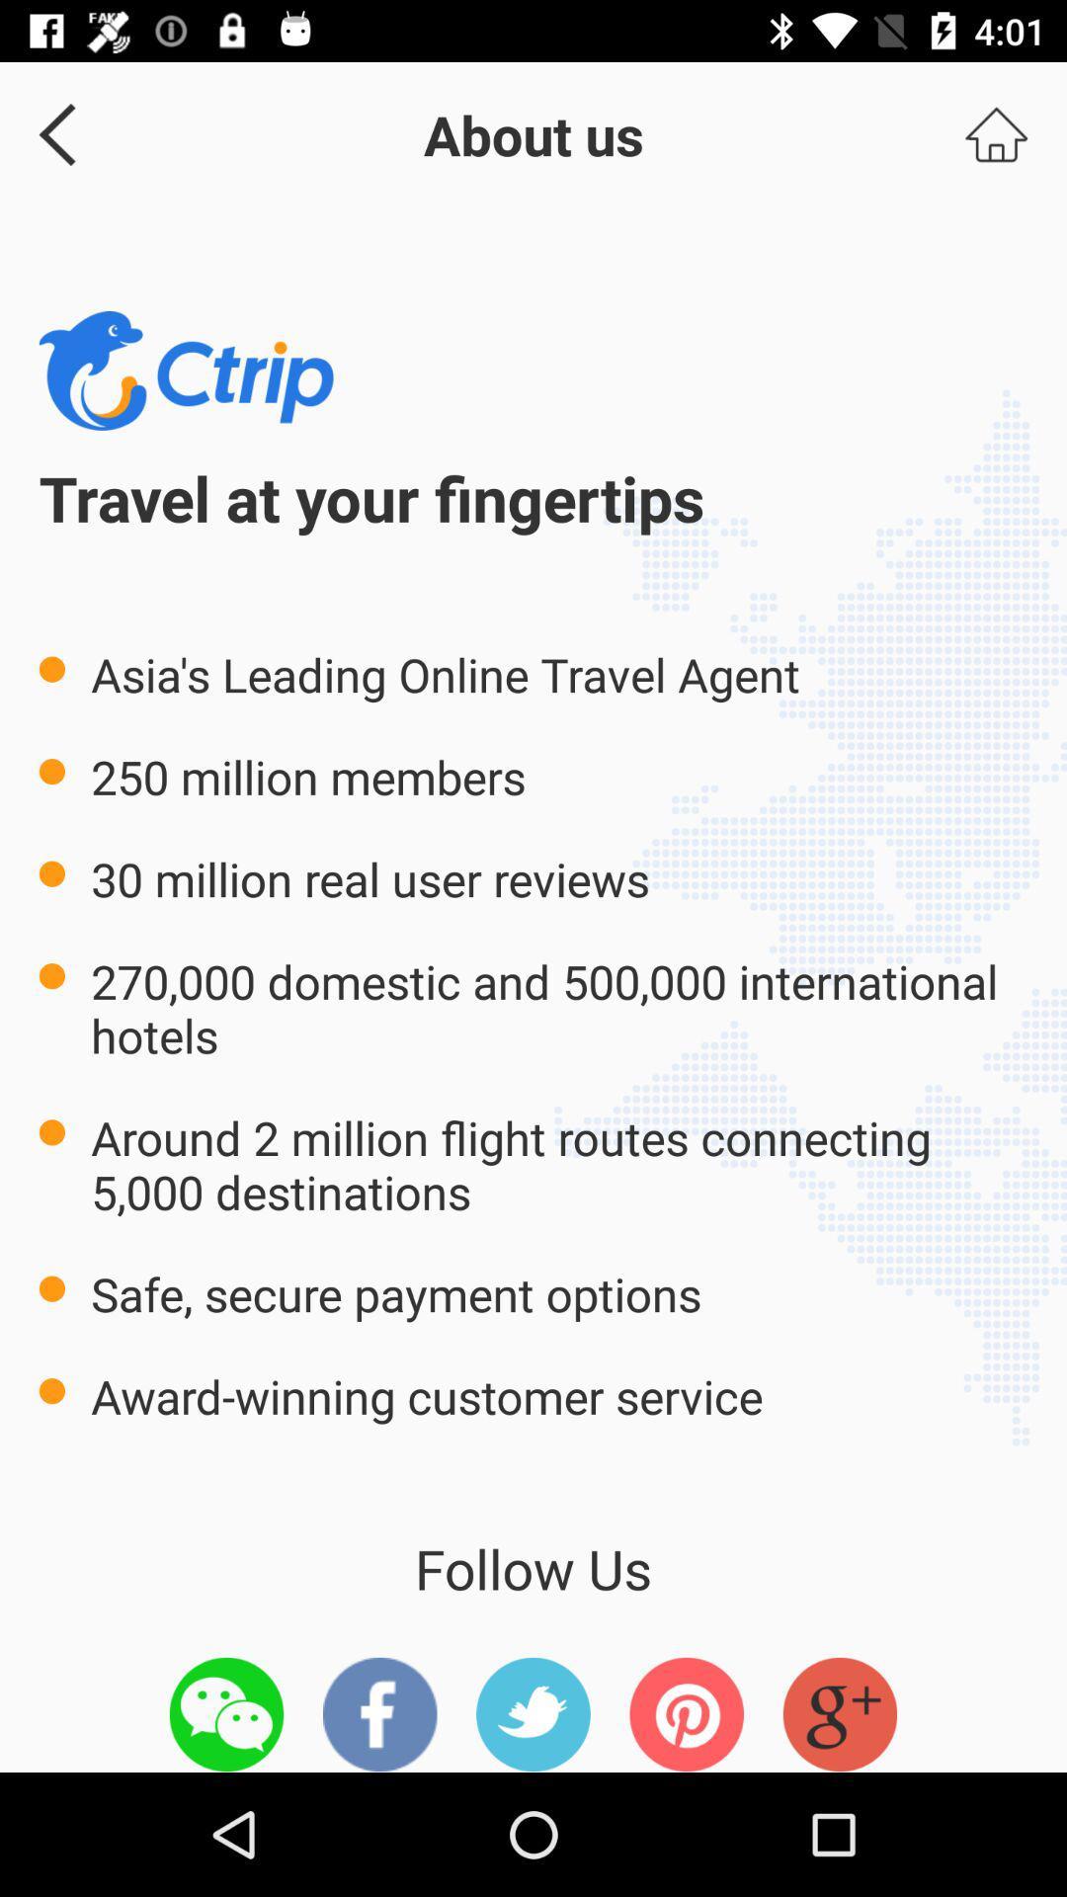 Image resolution: width=1067 pixels, height=1897 pixels. I want to click on pinterest option, so click(686, 1713).